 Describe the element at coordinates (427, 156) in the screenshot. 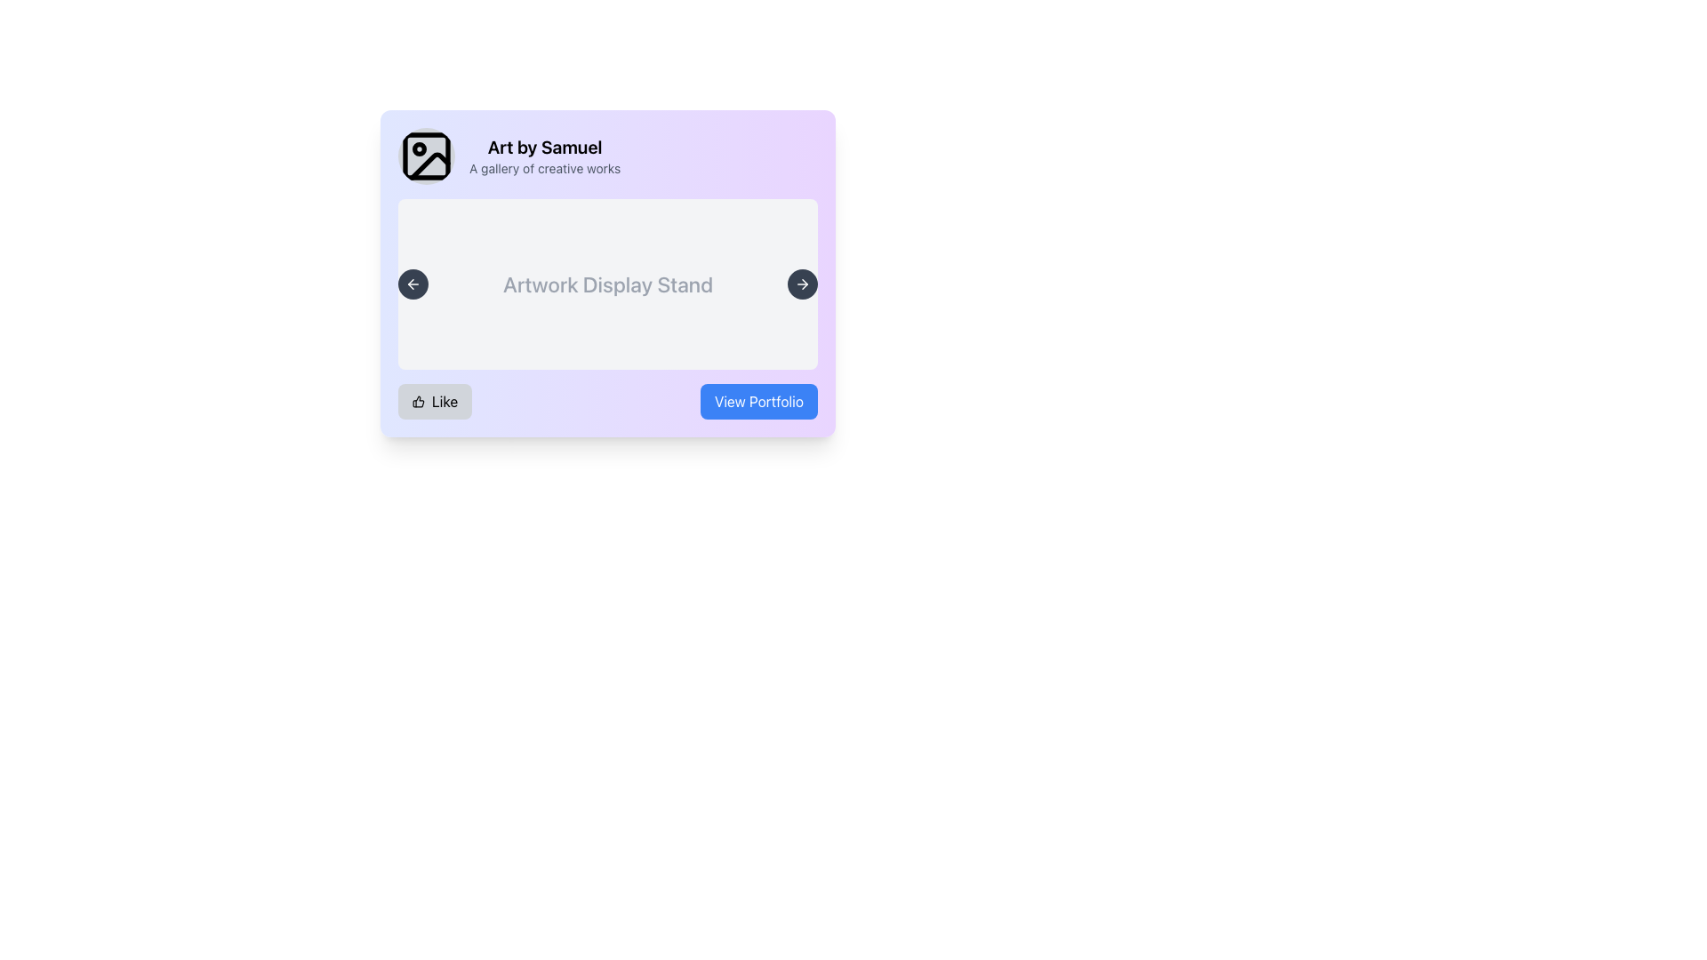

I see `the icon located at the left within the header section of the card, which symbolizes an image or artwork` at that location.